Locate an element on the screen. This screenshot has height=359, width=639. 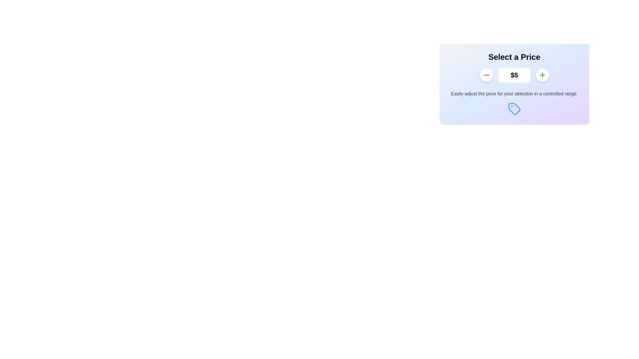
the green circular button with a '+' icon located to the right of the white rectangular box displaying '$5' to increase the value is located at coordinates (542, 75).